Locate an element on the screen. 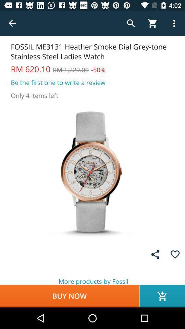  item above only 4 items item is located at coordinates (58, 82).